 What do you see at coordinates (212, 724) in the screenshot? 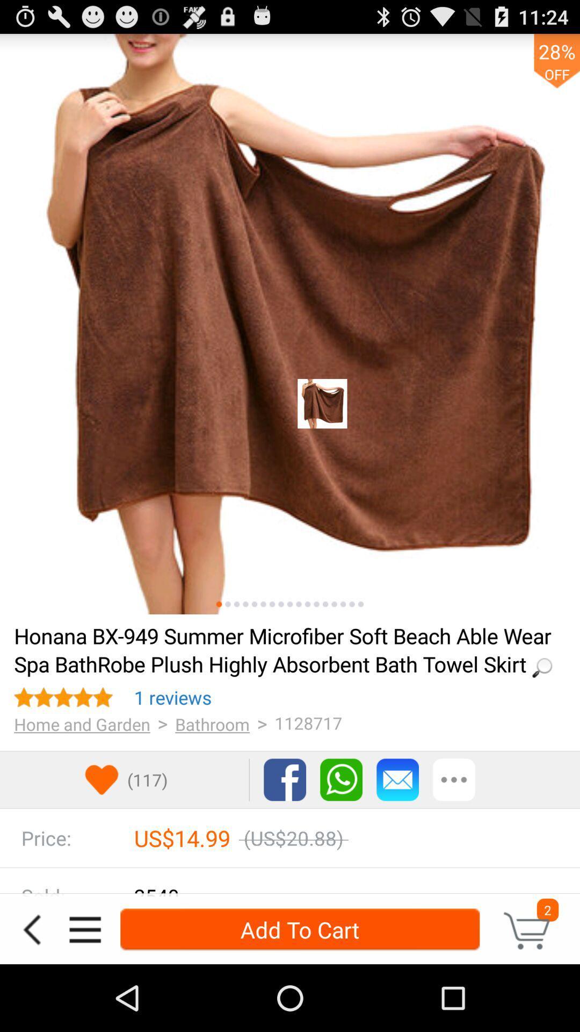
I see `the icon to the left of > app` at bounding box center [212, 724].